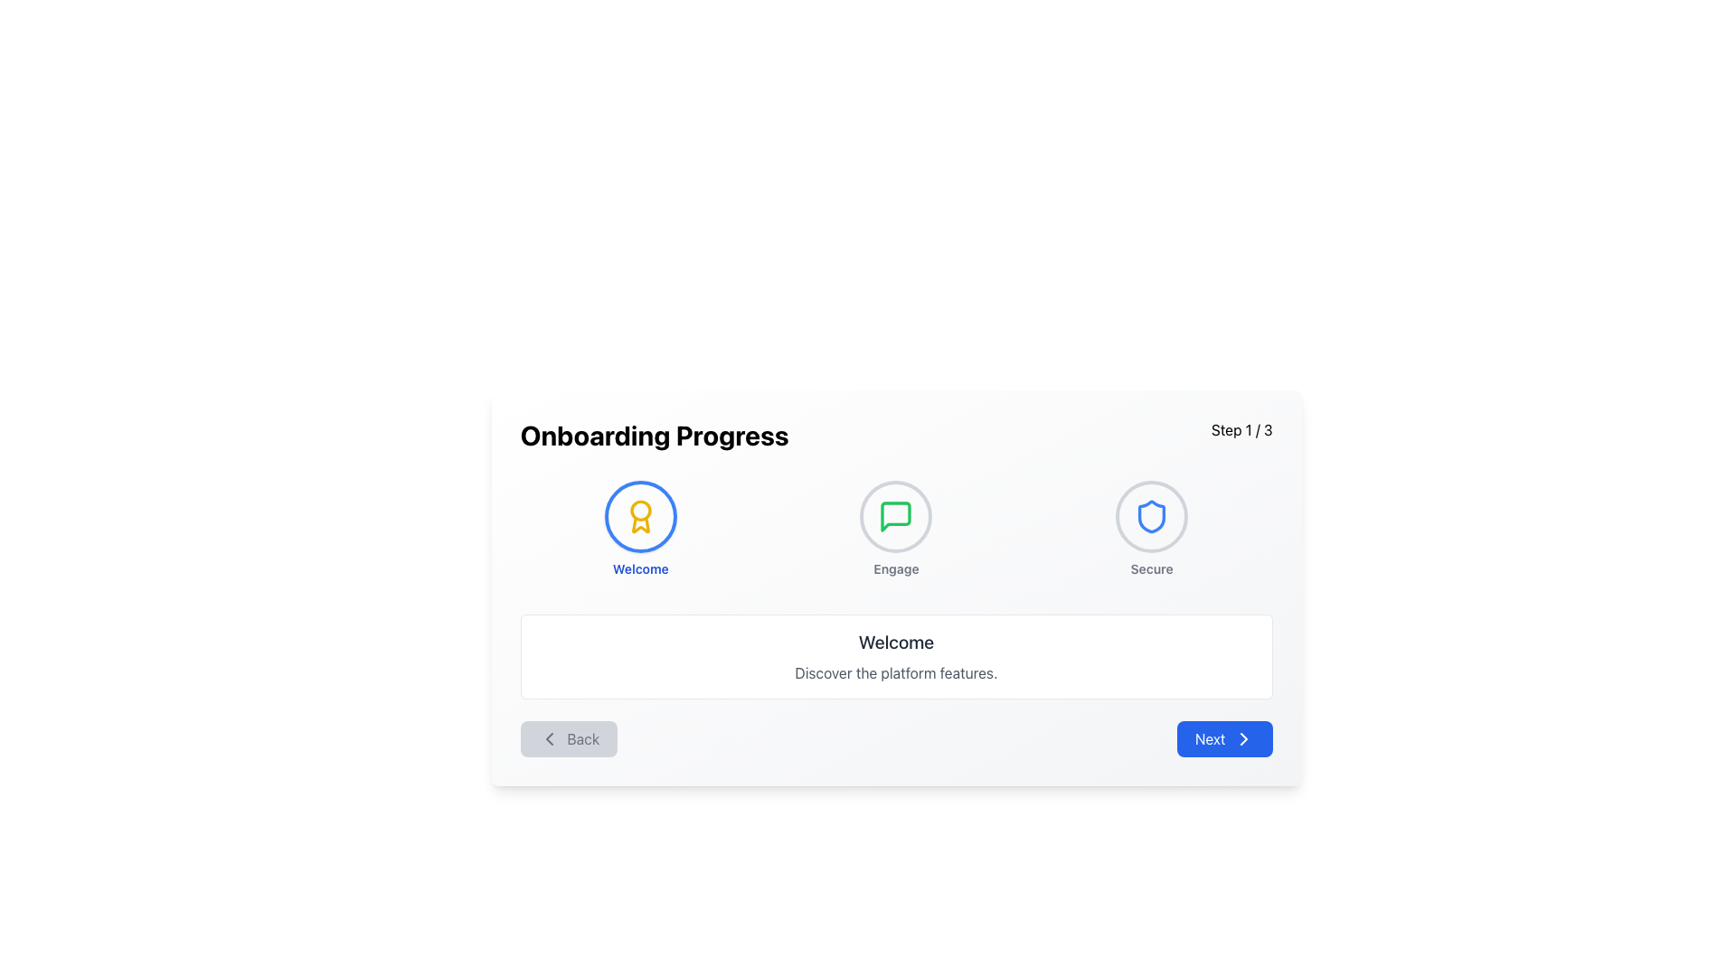 Image resolution: width=1736 pixels, height=976 pixels. I want to click on the 'Secure' icon in the onboarding progress indicator, so click(1151, 516).